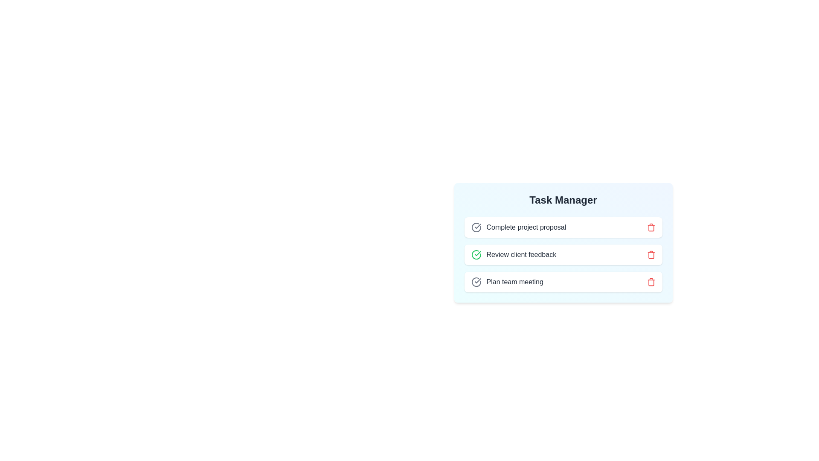  Describe the element at coordinates (651, 282) in the screenshot. I see `the delete button for the task 'Plan team meeting'` at that location.